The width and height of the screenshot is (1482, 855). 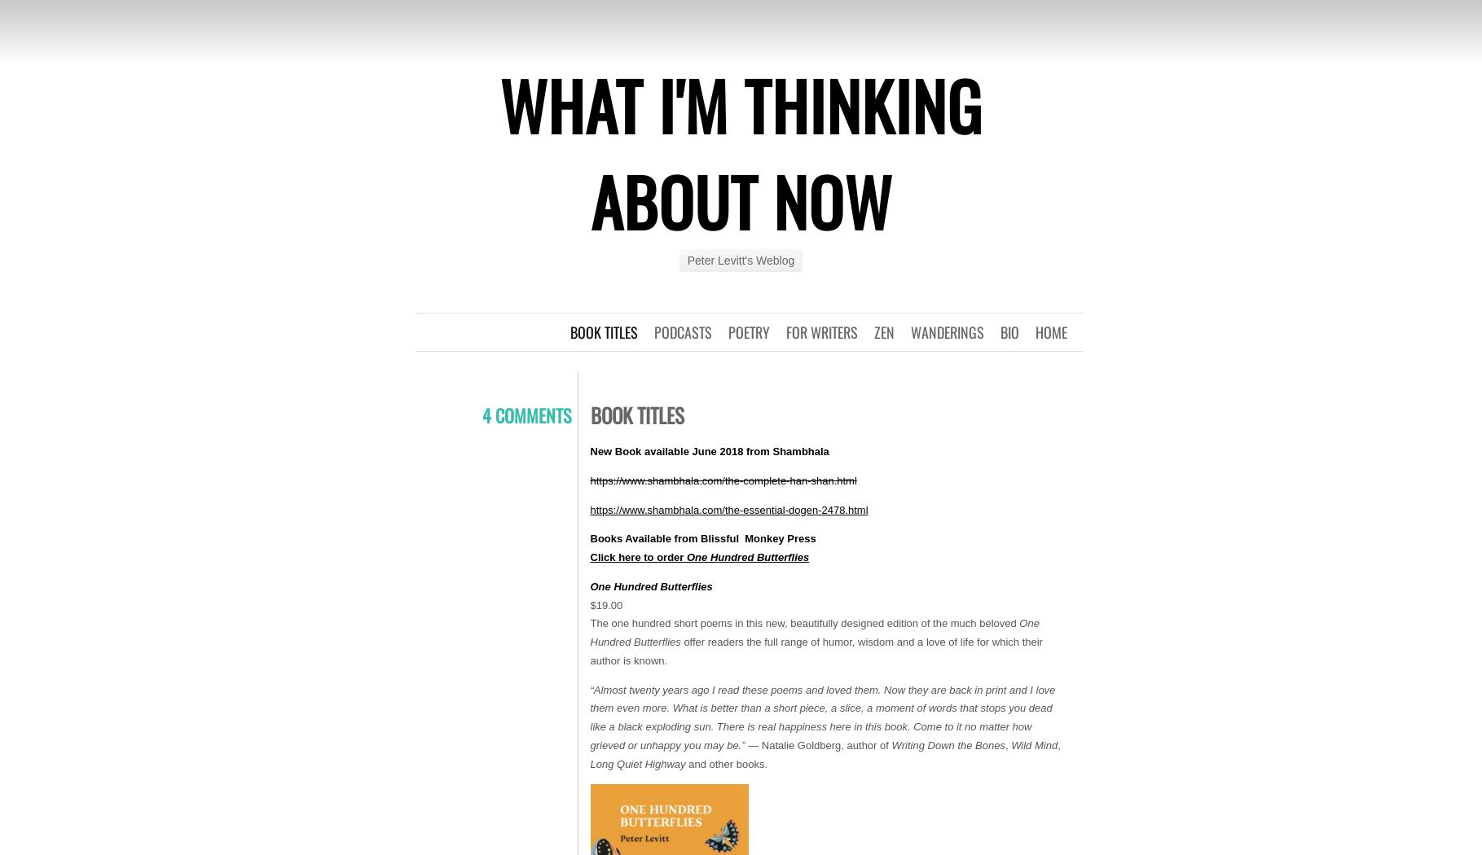 I want to click on '“Almost twenty years ago I read these poems and loved them. Now they are back in print and I love them even more. What is better than a short piece, a slice, a moment of words that stops you dead like a black exploding sun. There is real happiness here in this book. Come to it no matter how grieved or unhappy you may be.”', so click(x=821, y=716).